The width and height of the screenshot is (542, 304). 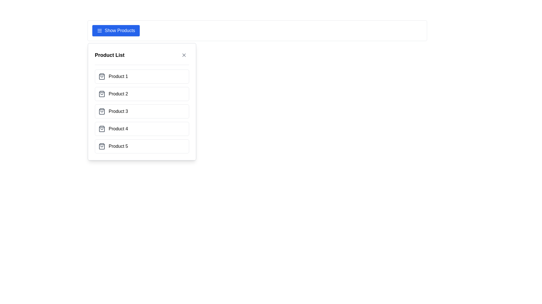 I want to click on the representation of the vector graphical icon for 'Product 1', which is located in the first row of the 'Product List' section, to the left of its text label, so click(x=102, y=77).